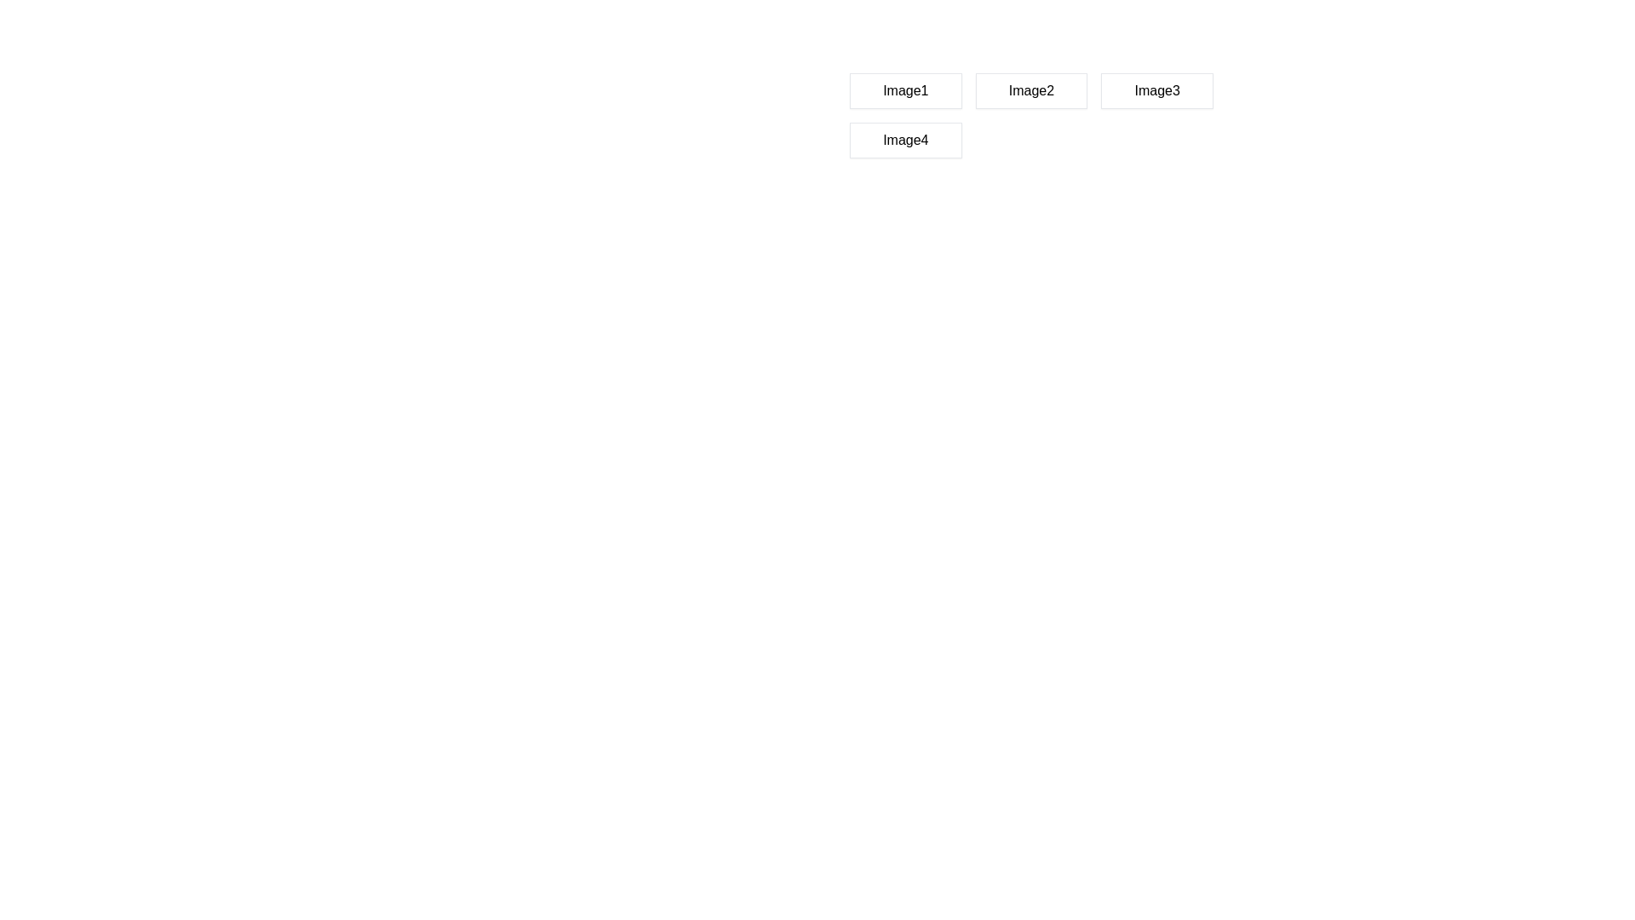  I want to click on the button labeled 'Image1', which is the first button in a grid layout, featuring a white background with a gray border and centered text, so click(904, 91).